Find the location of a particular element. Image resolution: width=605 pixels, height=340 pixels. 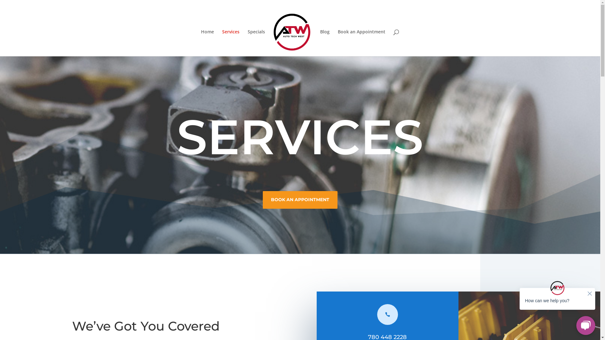

'Services' is located at coordinates (230, 42).